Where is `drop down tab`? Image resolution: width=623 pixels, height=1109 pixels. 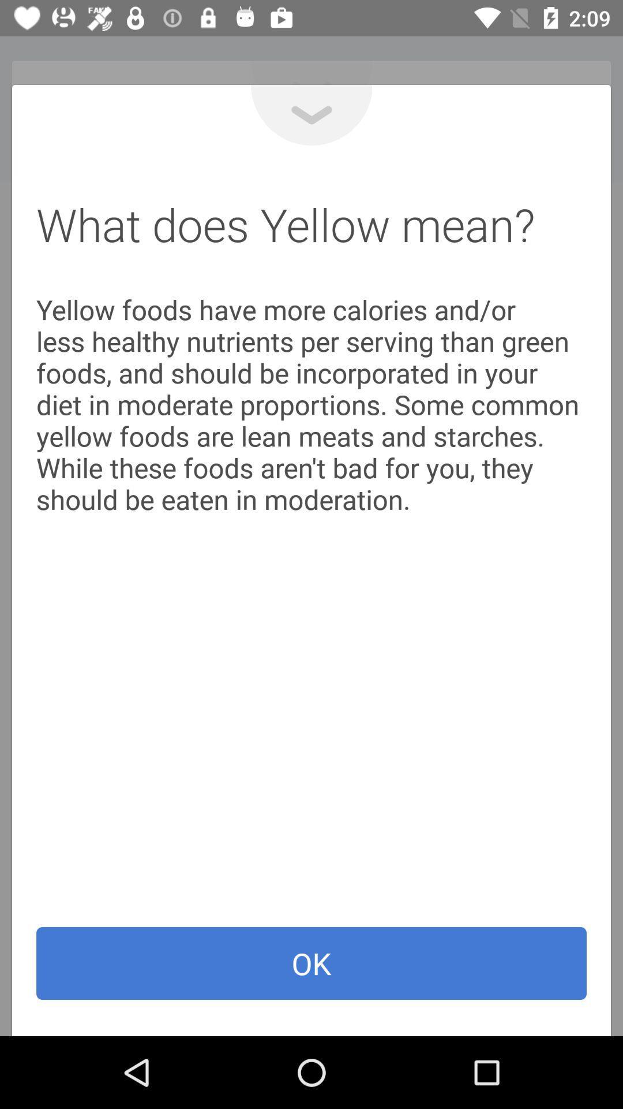
drop down tab is located at coordinates (311, 115).